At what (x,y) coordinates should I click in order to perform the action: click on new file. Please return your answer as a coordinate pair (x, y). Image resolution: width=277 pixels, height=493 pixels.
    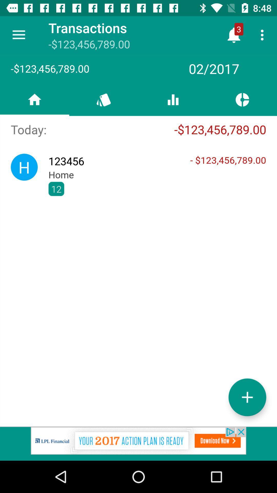
    Looking at the image, I should click on (247, 397).